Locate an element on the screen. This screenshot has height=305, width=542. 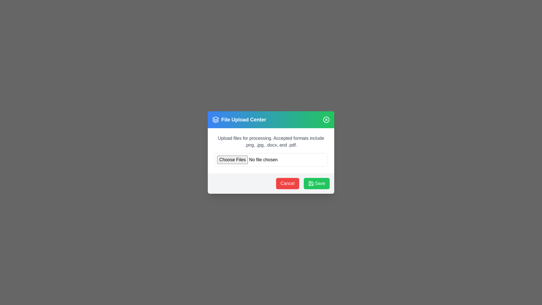
the input field to open the file selection dialog is located at coordinates (271, 160).